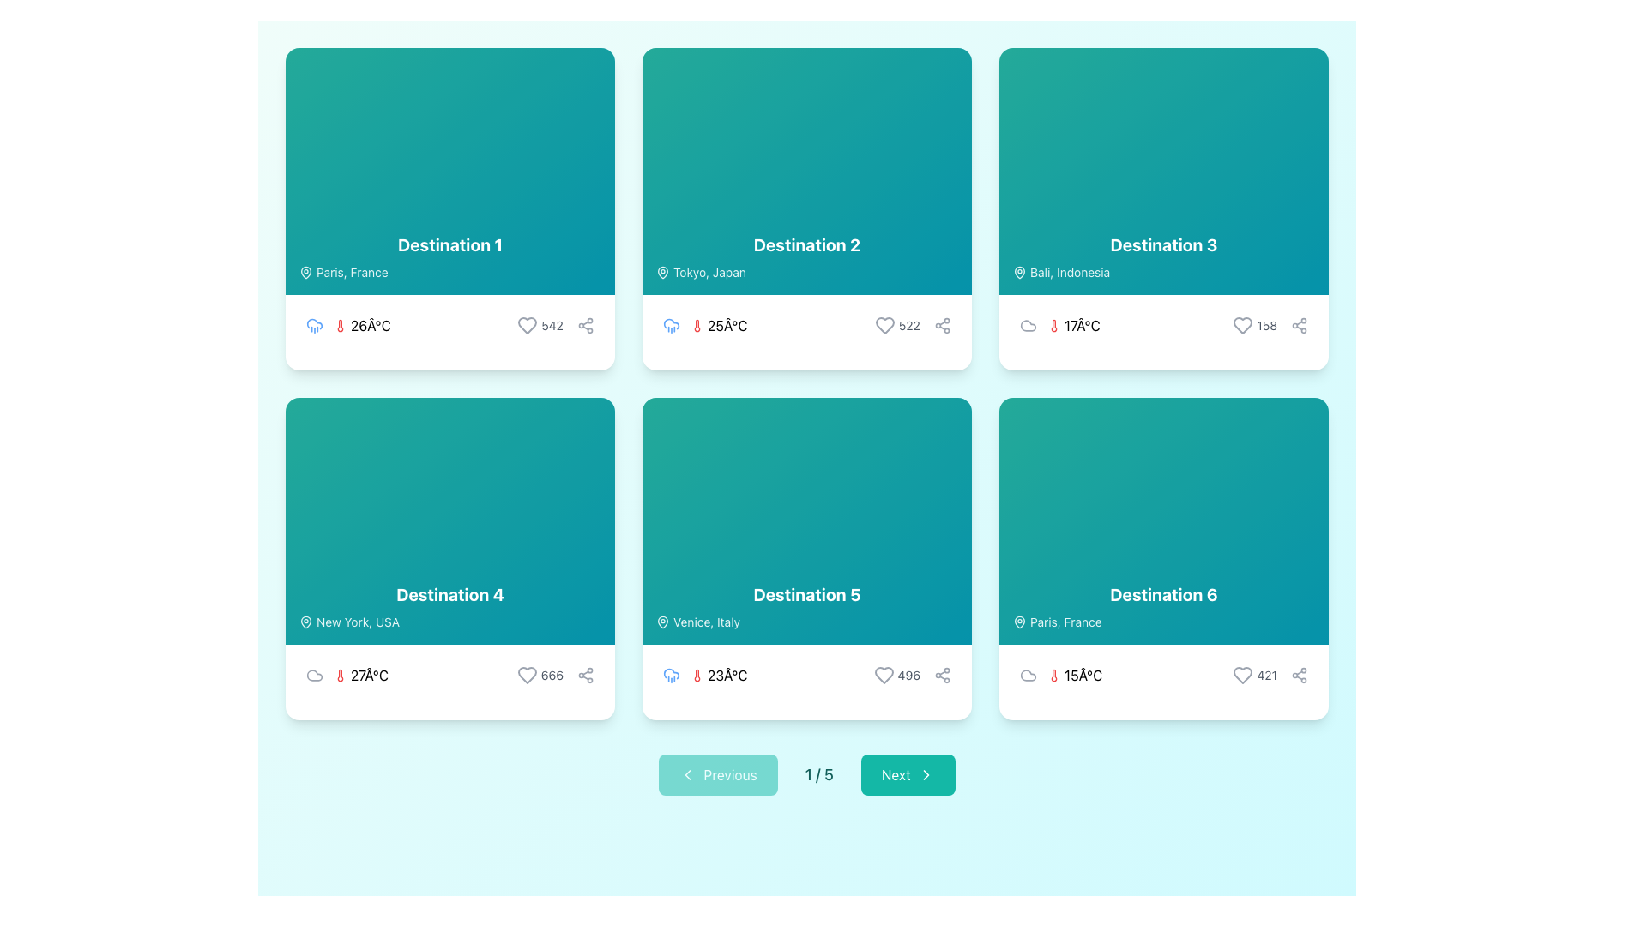 The image size is (1647, 926). Describe the element at coordinates (912, 326) in the screenshot. I see `the Text Indicator displaying '522' located in the second card for 'Destination 2', positioned at the bottom right corner next to the heart icon and the share icon` at that location.